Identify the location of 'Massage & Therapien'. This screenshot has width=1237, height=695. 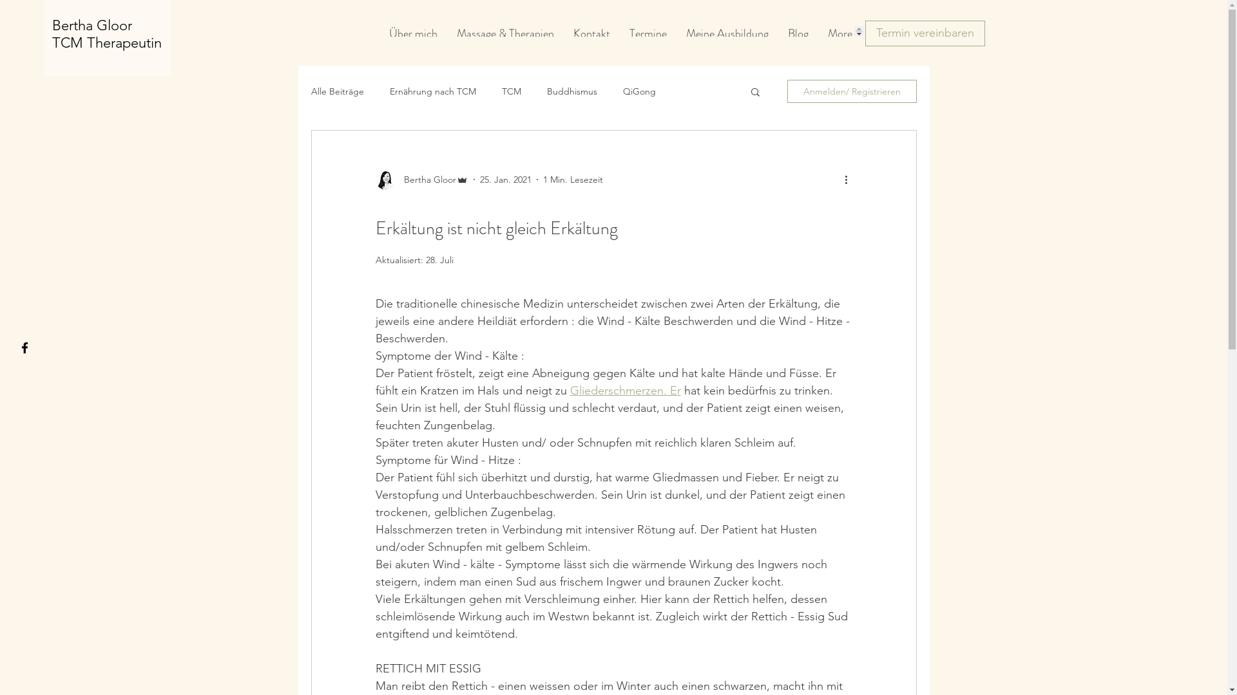
(504, 30).